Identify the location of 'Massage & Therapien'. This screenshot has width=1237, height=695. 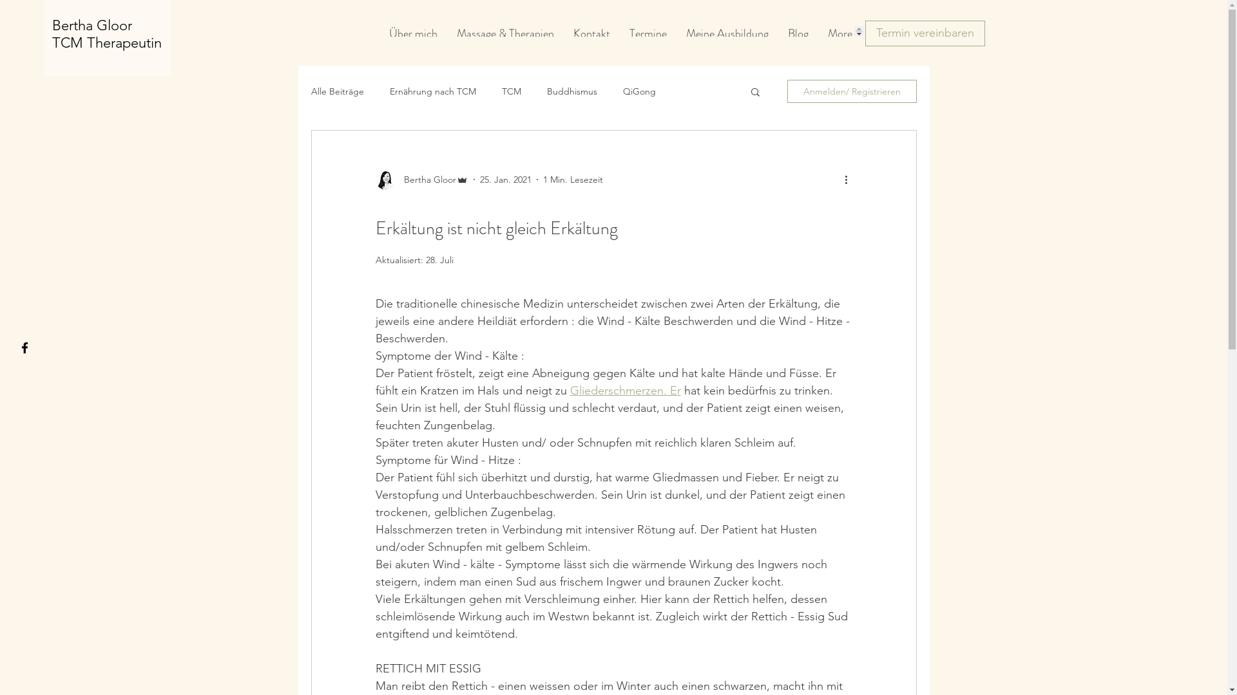
(504, 30).